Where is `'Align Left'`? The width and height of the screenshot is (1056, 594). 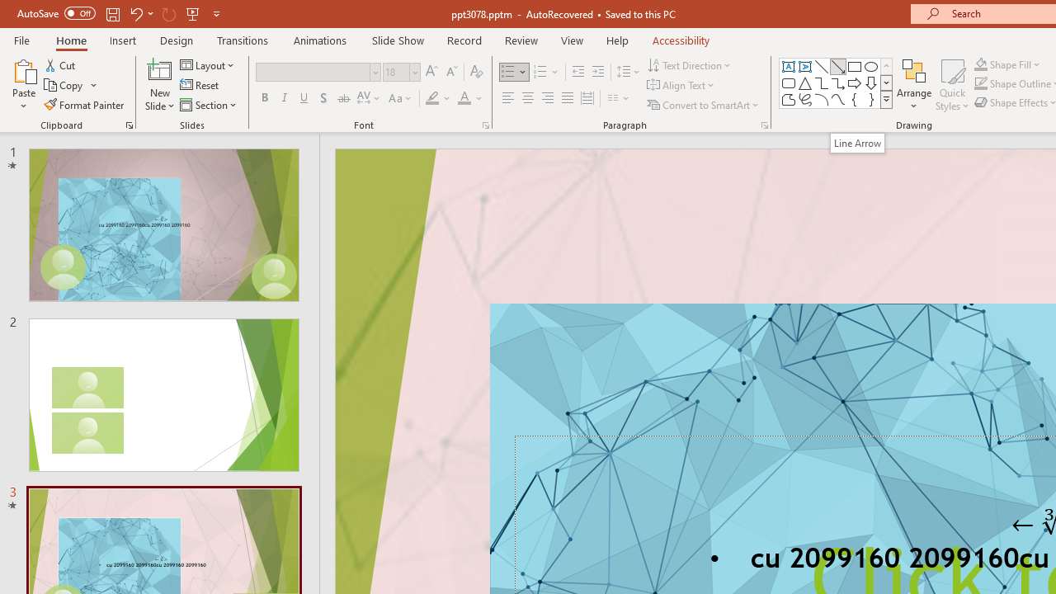
'Align Left' is located at coordinates (507, 98).